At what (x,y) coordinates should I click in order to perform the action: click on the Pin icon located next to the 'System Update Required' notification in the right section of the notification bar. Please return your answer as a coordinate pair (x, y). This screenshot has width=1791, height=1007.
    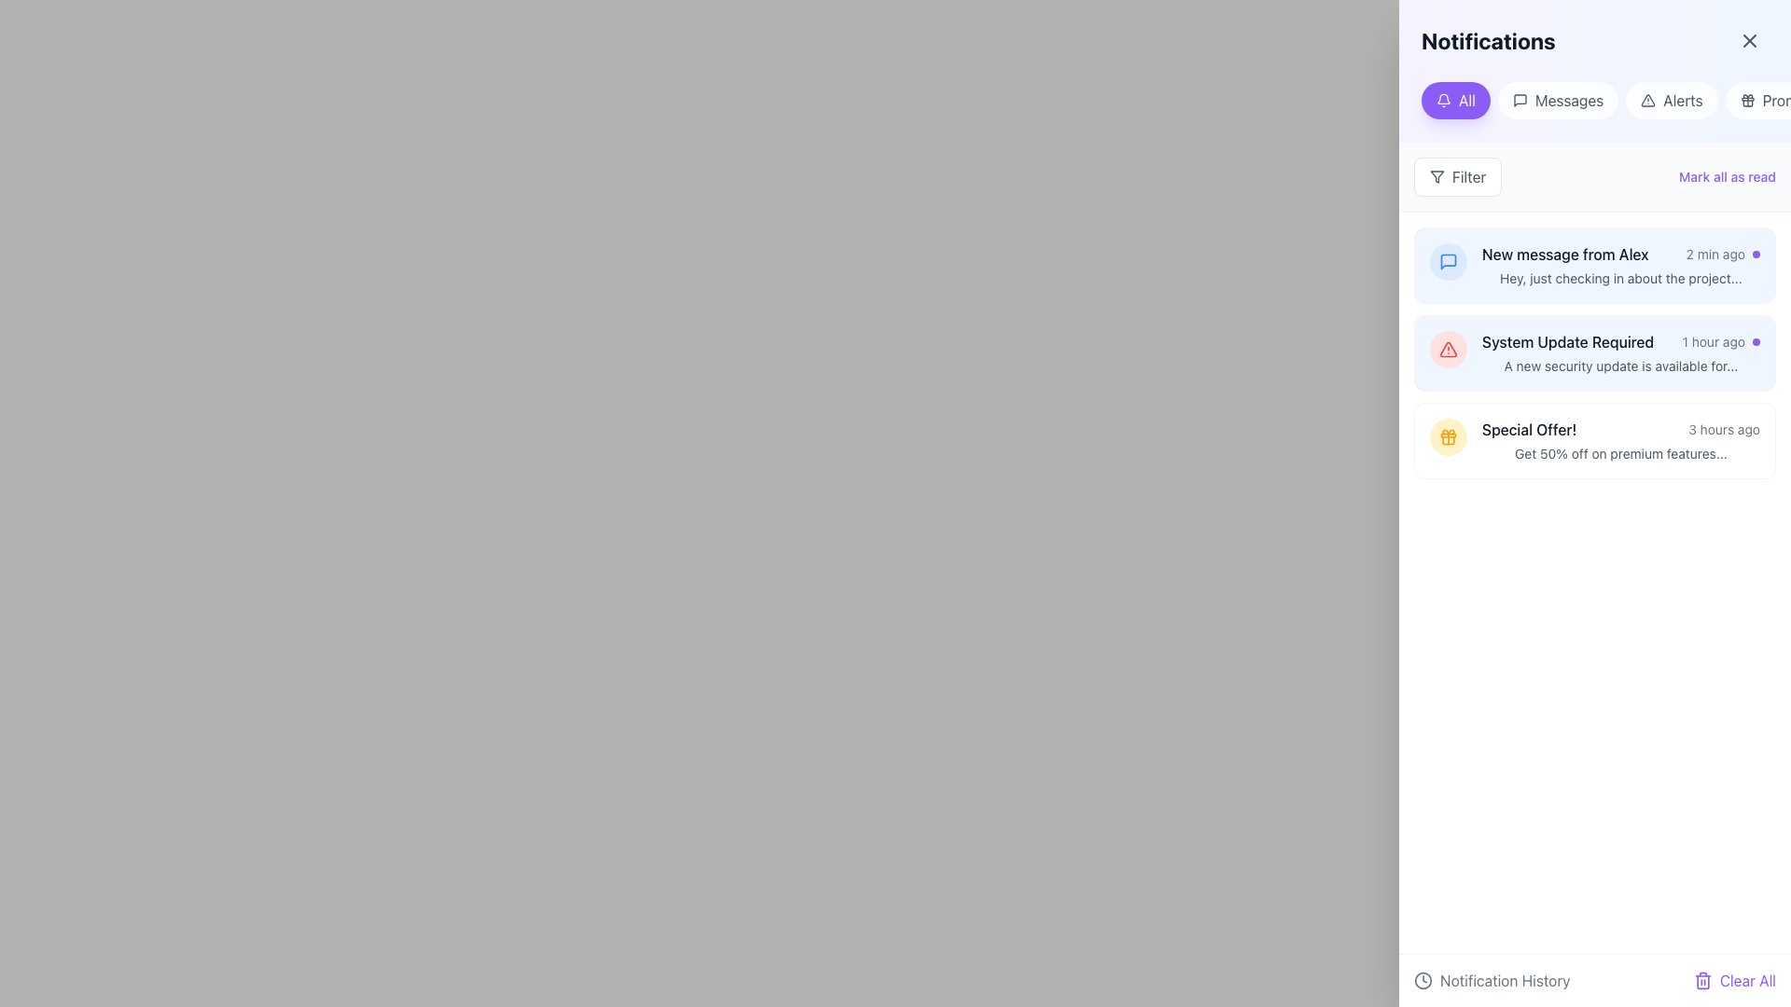
    Looking at the image, I should click on (1707, 352).